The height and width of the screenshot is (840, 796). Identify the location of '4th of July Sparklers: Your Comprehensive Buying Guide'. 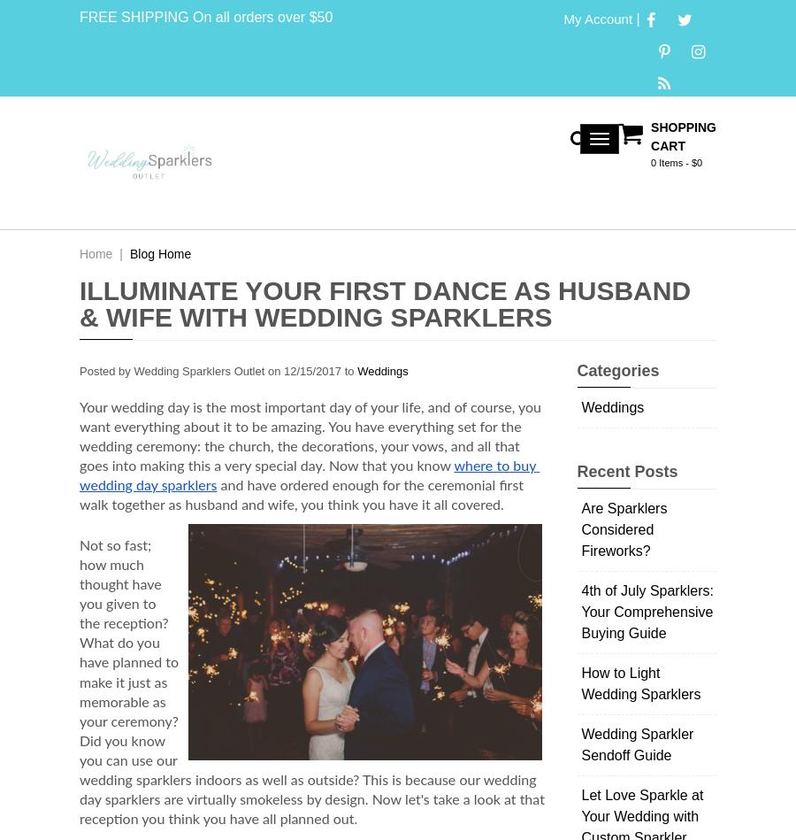
(646, 612).